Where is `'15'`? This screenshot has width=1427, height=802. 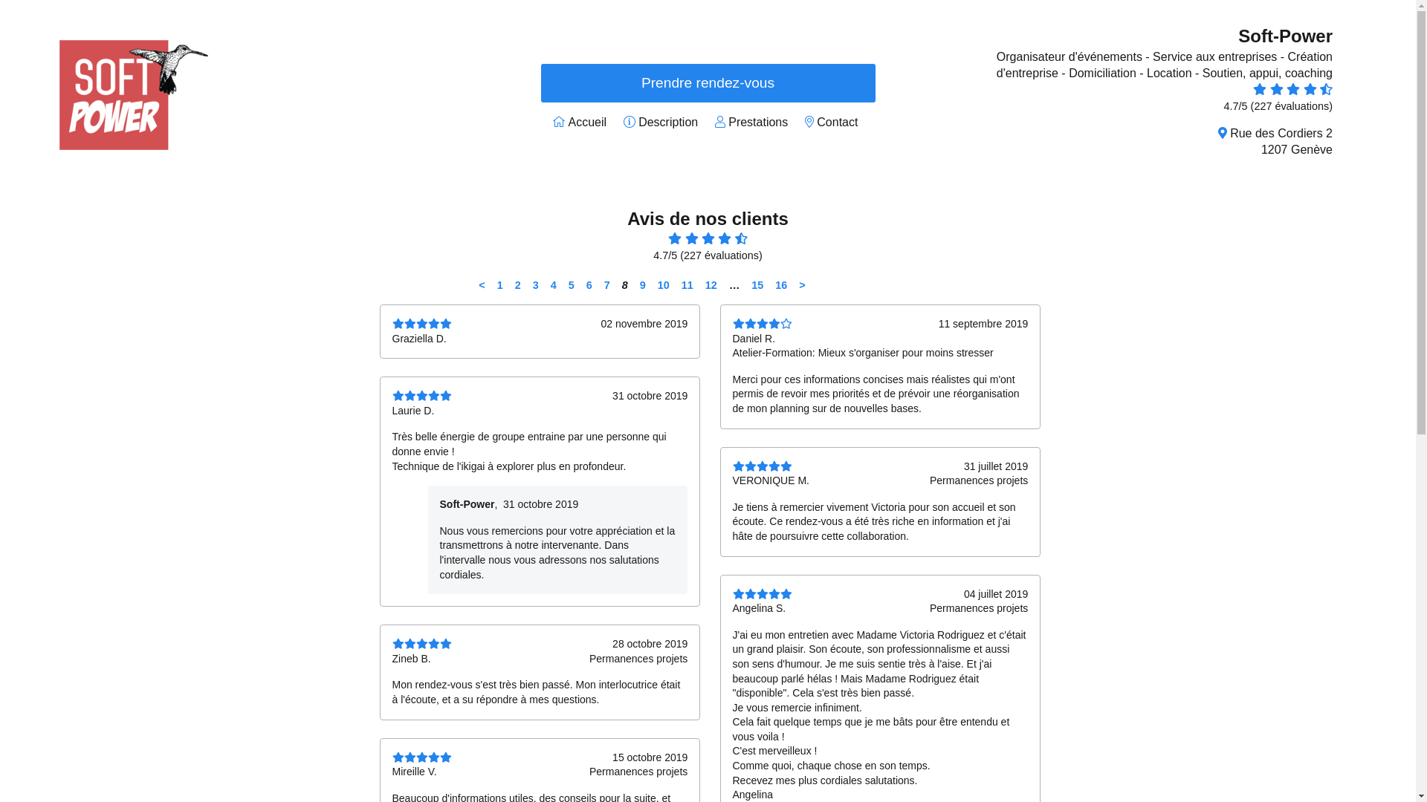 '15' is located at coordinates (757, 285).